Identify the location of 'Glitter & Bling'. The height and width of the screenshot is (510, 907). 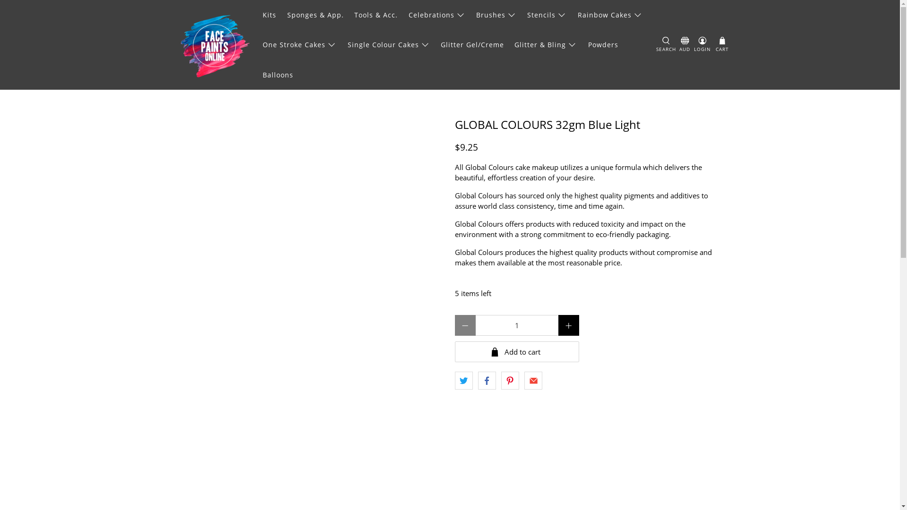
(546, 44).